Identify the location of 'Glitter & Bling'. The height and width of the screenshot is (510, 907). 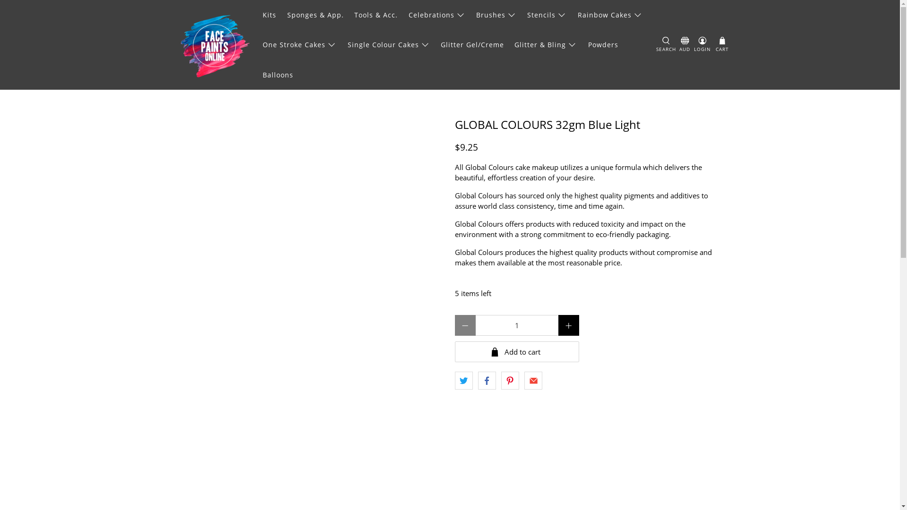
(546, 44).